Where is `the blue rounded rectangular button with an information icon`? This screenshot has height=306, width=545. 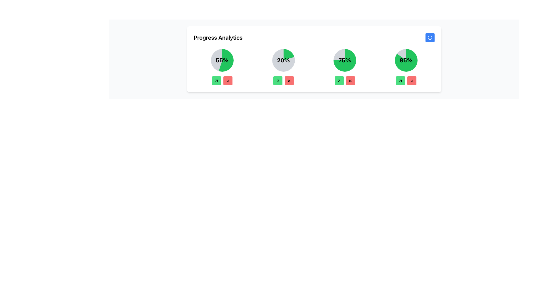
the blue rounded rectangular button with an information icon is located at coordinates (430, 37).